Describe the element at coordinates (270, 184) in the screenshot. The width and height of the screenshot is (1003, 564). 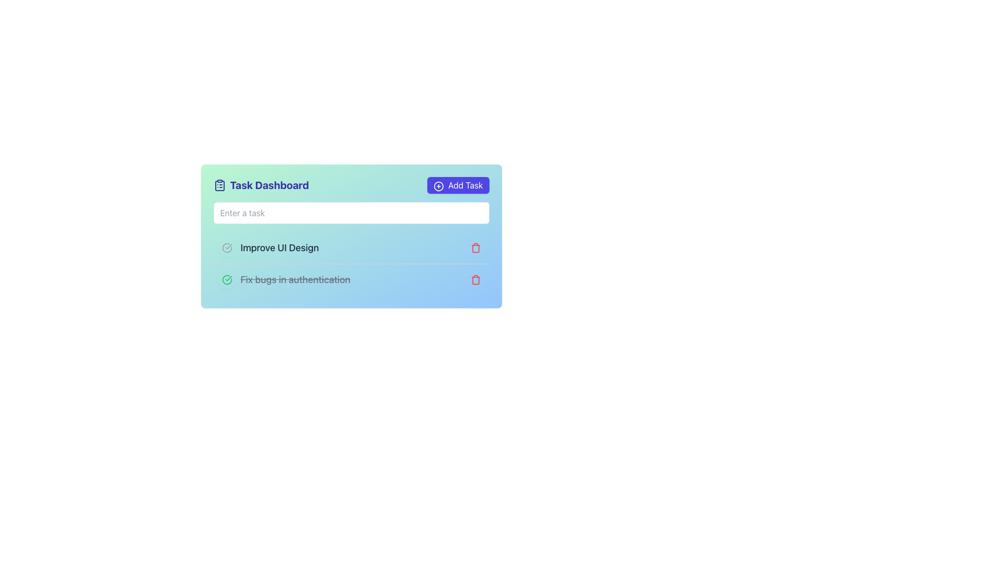
I see `text from the header label that denotes the current section of the task management dashboard, which is positioned next to a clipboard icon and has a gradient background` at that location.